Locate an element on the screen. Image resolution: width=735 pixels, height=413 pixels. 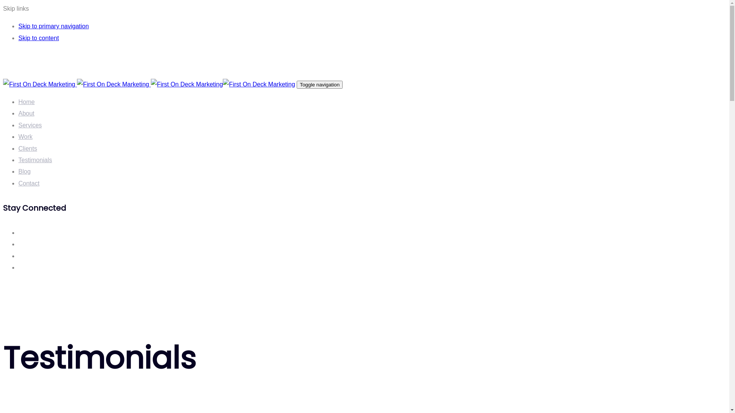
'About' is located at coordinates (26, 113).